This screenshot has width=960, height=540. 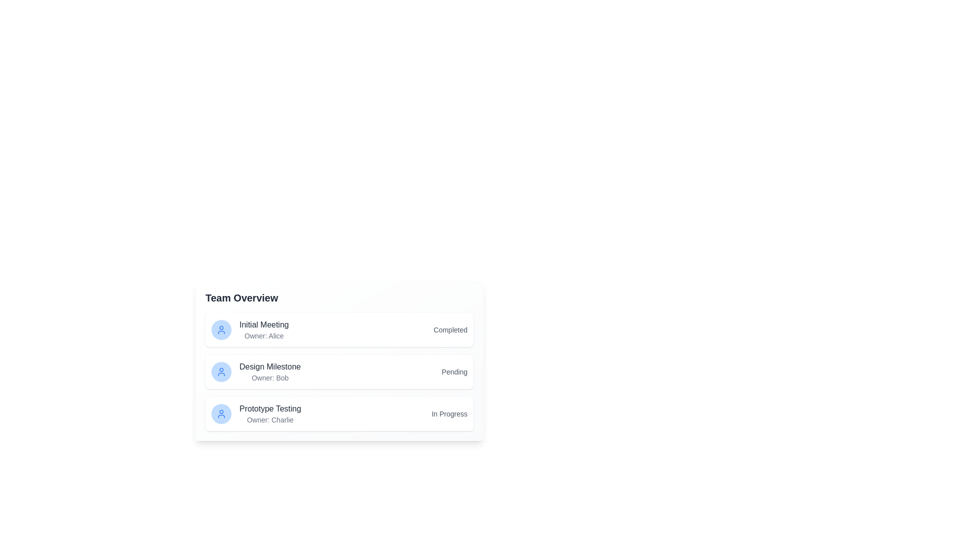 I want to click on the 'In Progress' text label, which is styled in gray and indicates status, located at the far right of the 'Prototype Testing Owner: Charlie' card, so click(x=449, y=414).